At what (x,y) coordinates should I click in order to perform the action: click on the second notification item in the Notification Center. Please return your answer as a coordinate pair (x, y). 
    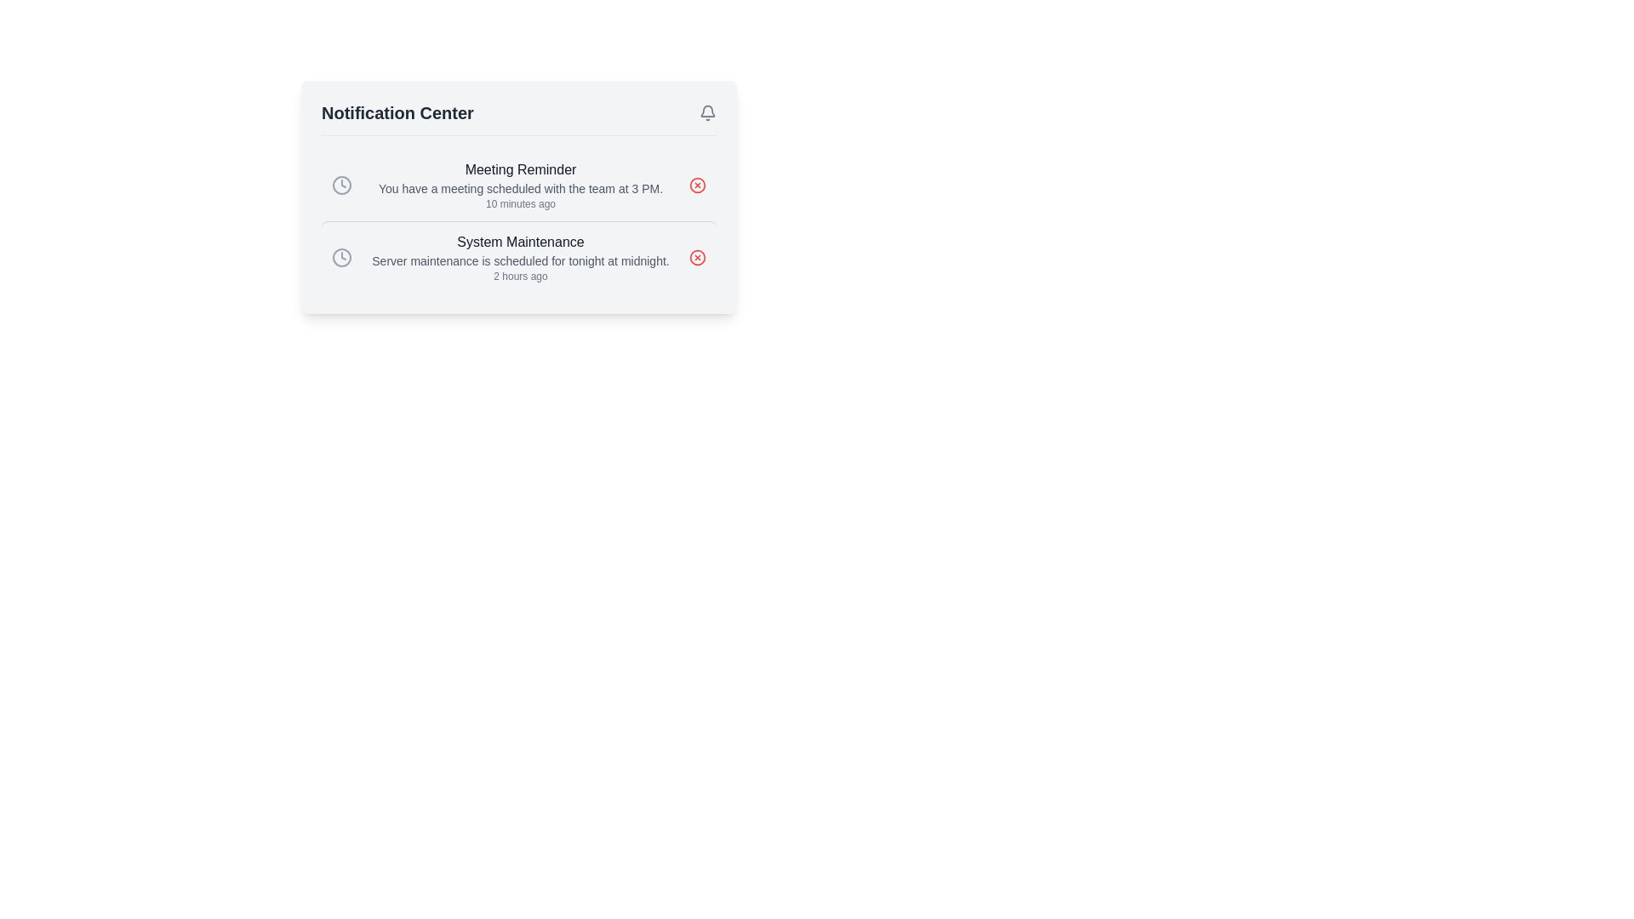
    Looking at the image, I should click on (517, 257).